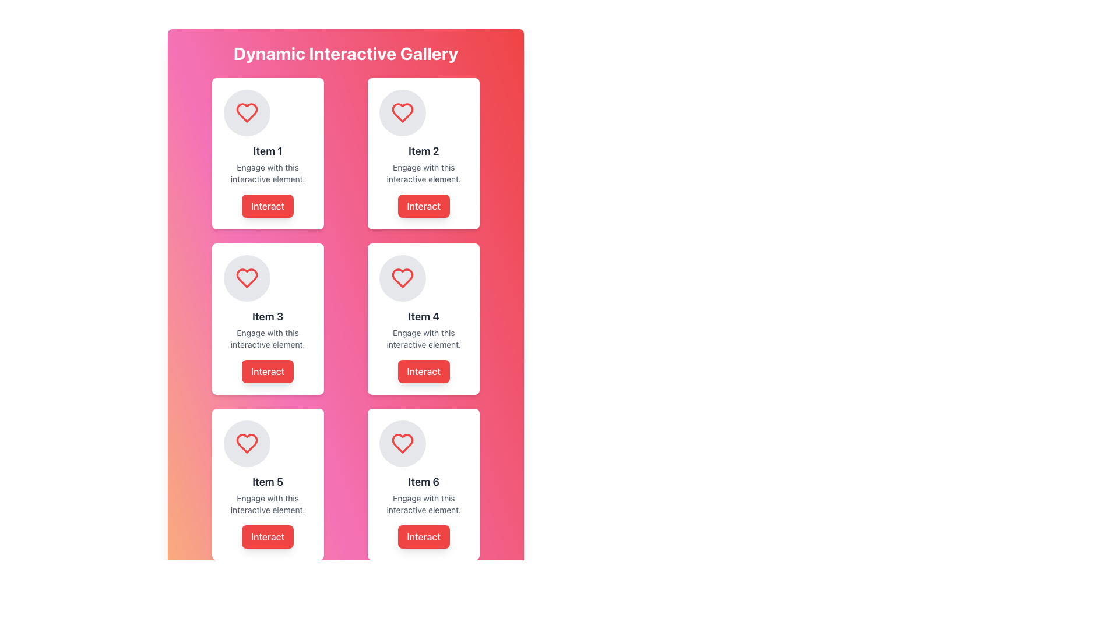 Image resolution: width=1119 pixels, height=629 pixels. I want to click on the 'Item 6' label located in the bottom-right card of the six-card grid layout, which serves as a title for the card, so click(423, 482).